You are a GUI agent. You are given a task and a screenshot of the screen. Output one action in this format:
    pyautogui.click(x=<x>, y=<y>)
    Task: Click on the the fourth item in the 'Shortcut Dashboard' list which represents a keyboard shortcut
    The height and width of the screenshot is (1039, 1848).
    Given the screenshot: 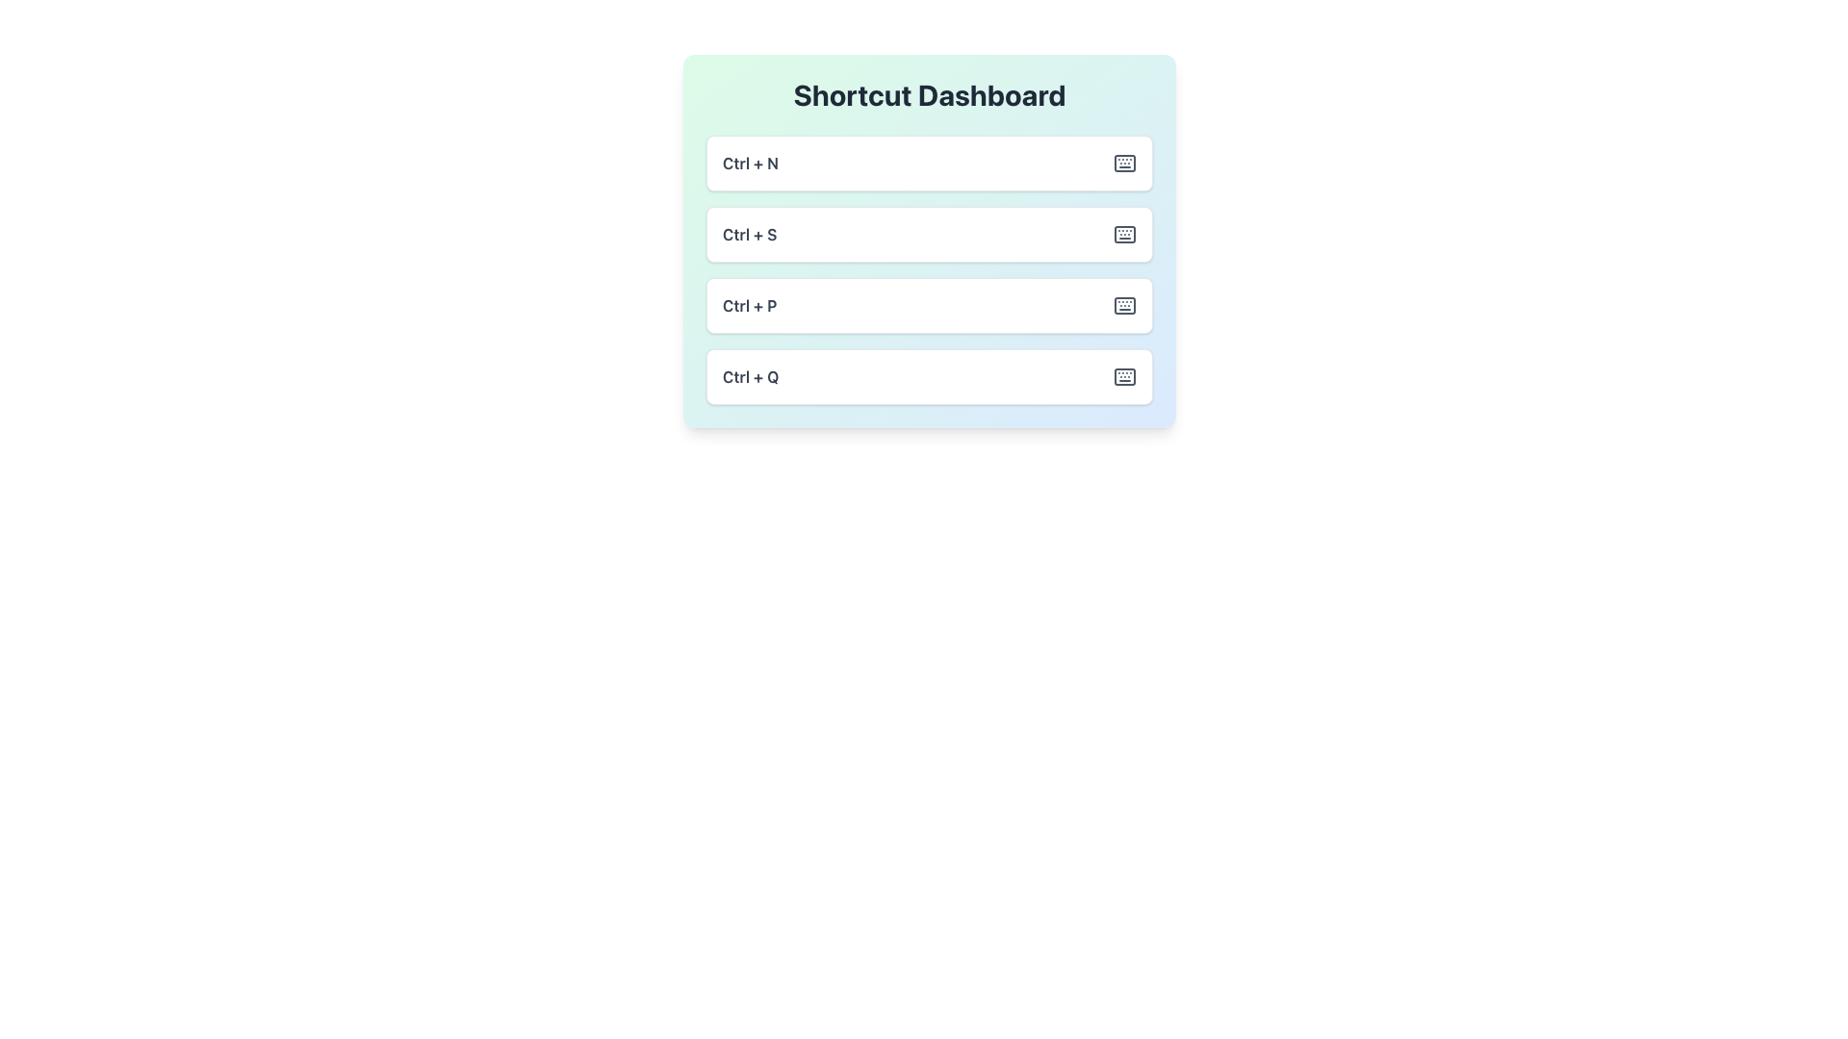 What is the action you would take?
    pyautogui.click(x=929, y=377)
    